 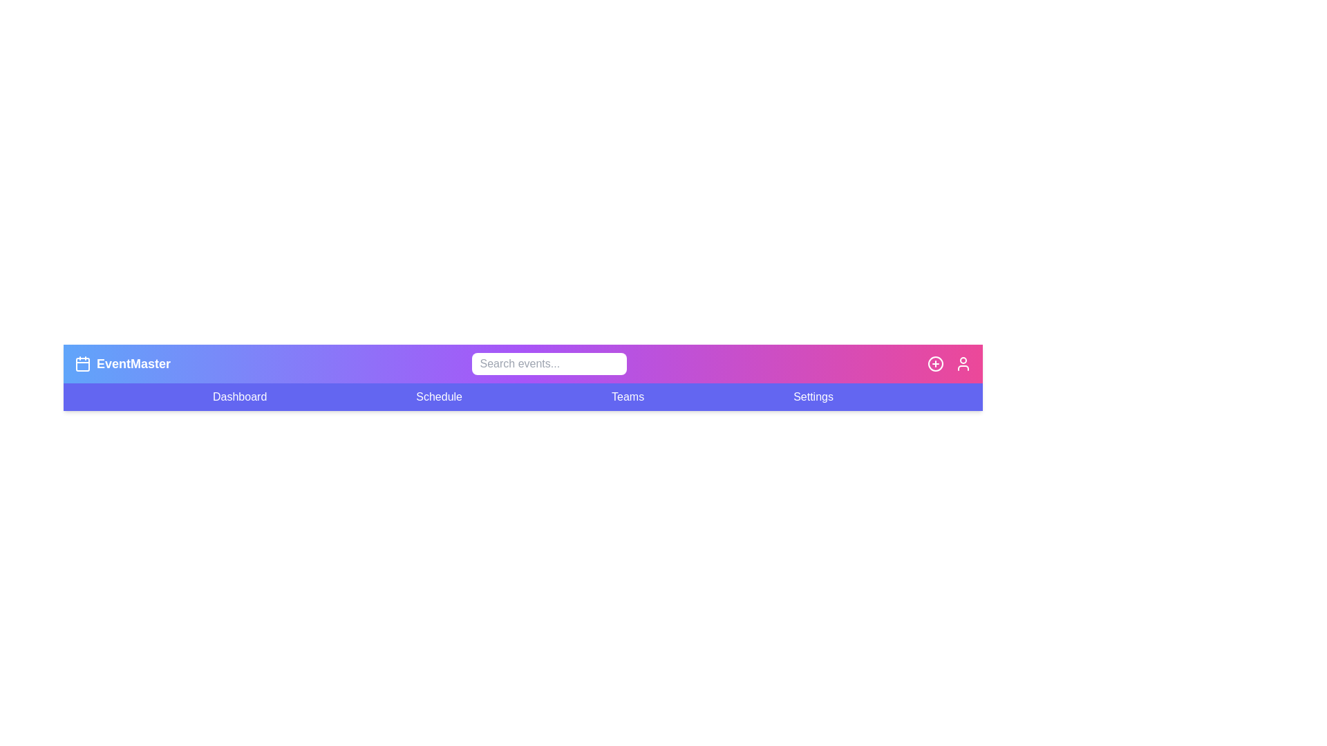 I want to click on the user icon to access user-related options, so click(x=962, y=363).